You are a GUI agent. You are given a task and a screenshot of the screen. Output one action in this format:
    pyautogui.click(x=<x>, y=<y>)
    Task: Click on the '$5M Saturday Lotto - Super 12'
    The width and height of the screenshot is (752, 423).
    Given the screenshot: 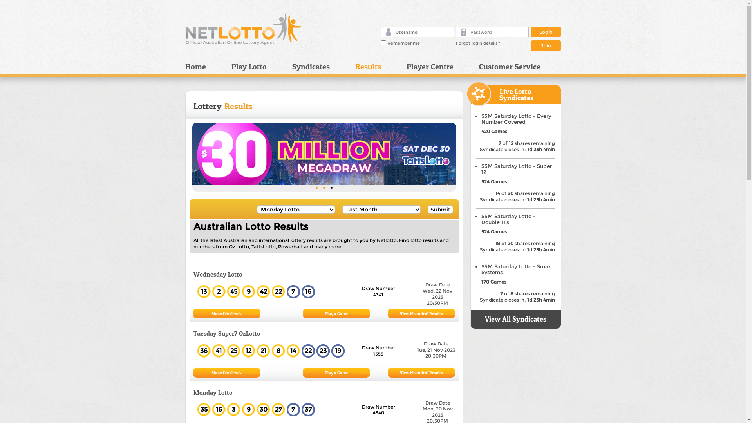 What is the action you would take?
    pyautogui.click(x=481, y=169)
    